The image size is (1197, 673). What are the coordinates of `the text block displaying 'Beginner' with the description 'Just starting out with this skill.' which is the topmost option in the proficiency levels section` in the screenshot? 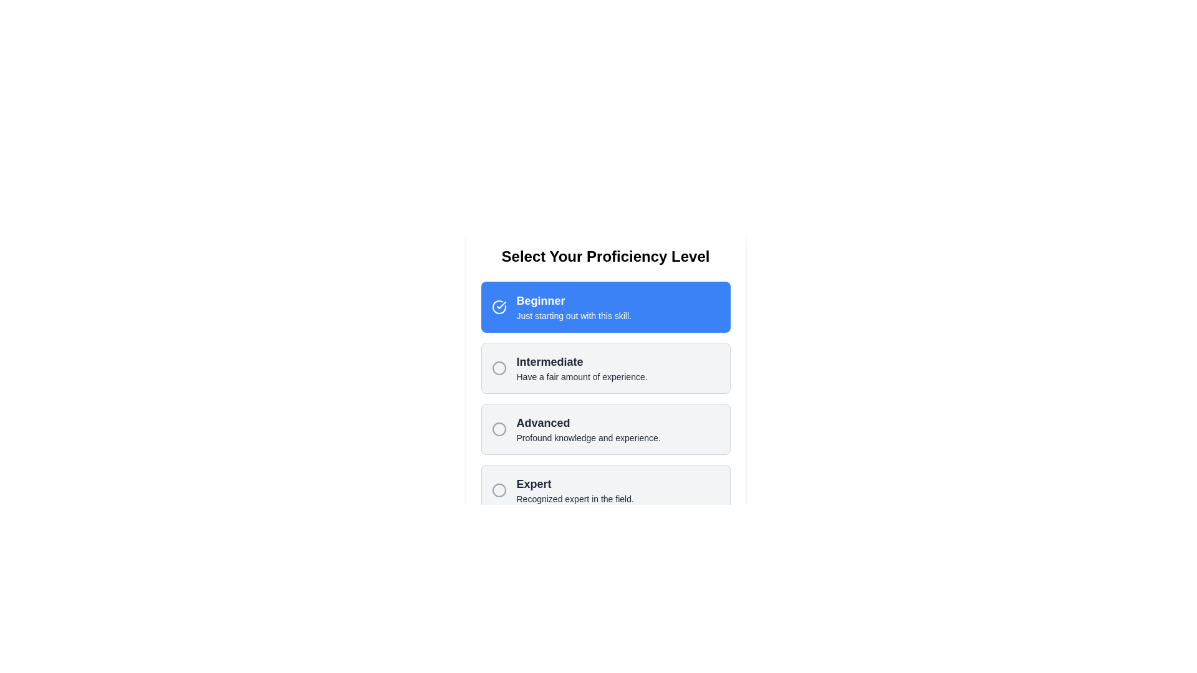 It's located at (573, 307).